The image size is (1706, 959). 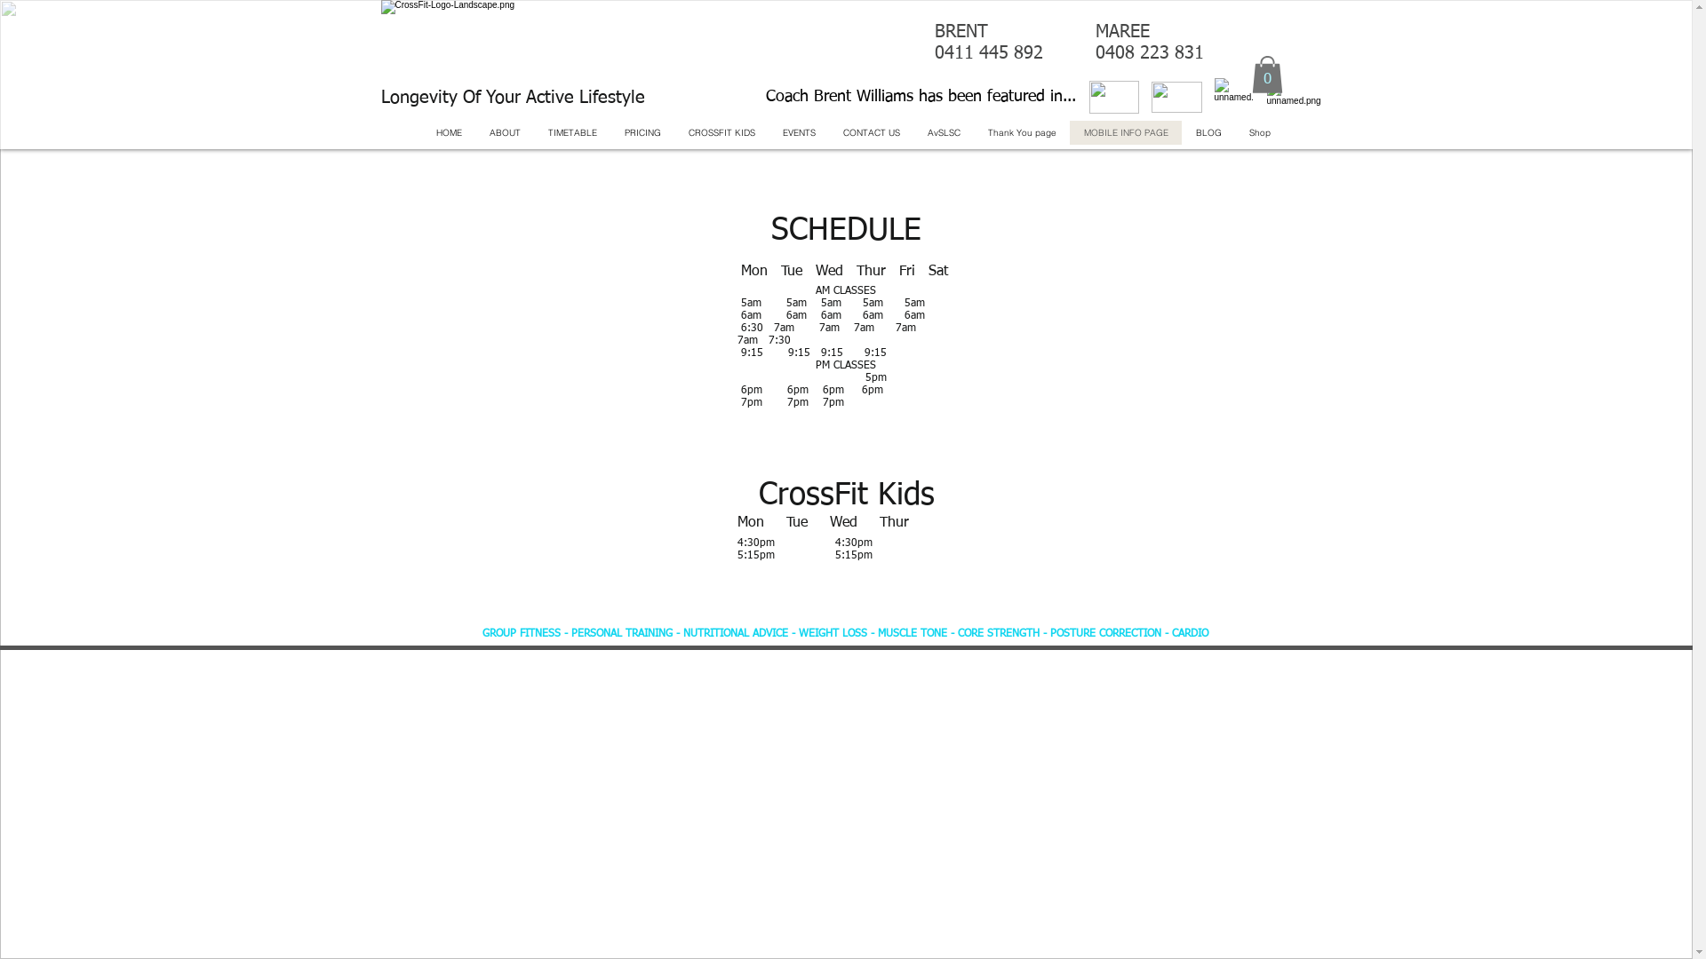 What do you see at coordinates (1022, 131) in the screenshot?
I see `'Thank You page'` at bounding box center [1022, 131].